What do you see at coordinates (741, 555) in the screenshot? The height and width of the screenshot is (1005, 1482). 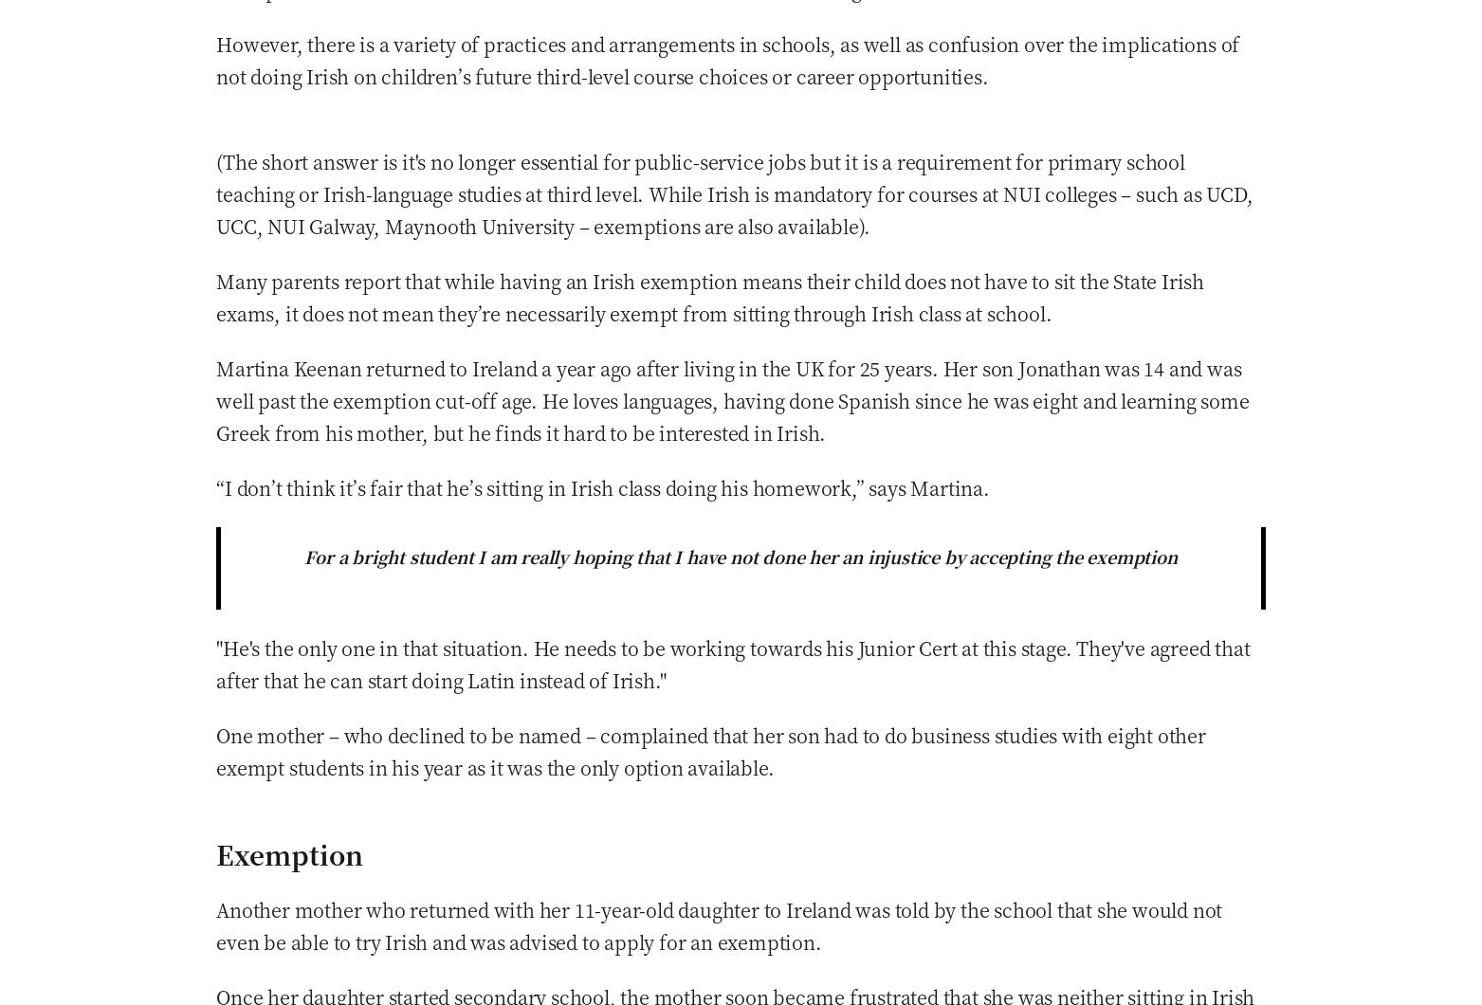 I see `'For a bright student I am really hoping that I have not done her an injustice by accepting the exemption'` at bounding box center [741, 555].